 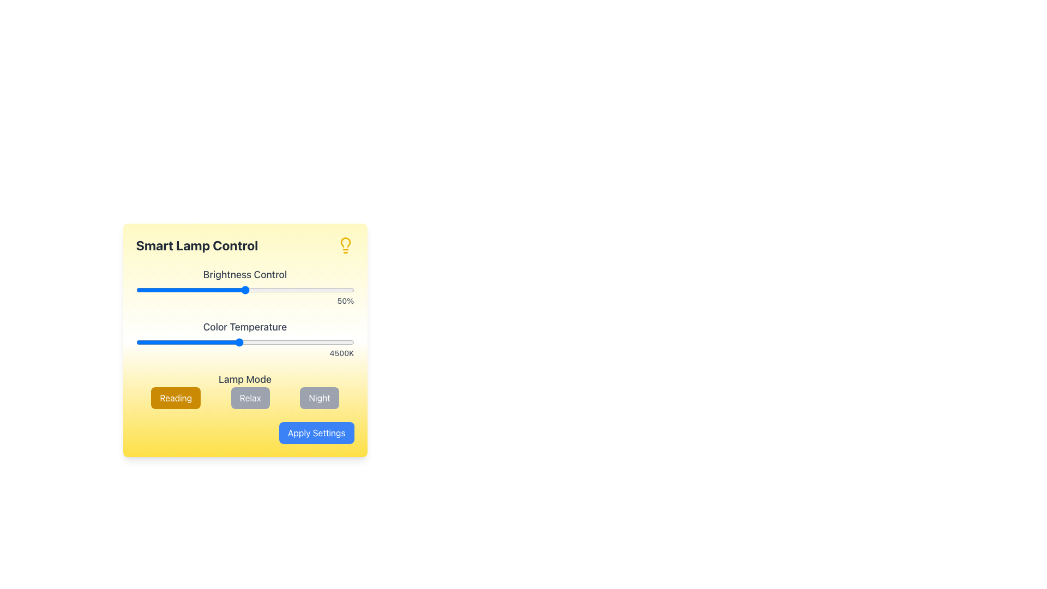 I want to click on the color temperature, so click(x=136, y=342).